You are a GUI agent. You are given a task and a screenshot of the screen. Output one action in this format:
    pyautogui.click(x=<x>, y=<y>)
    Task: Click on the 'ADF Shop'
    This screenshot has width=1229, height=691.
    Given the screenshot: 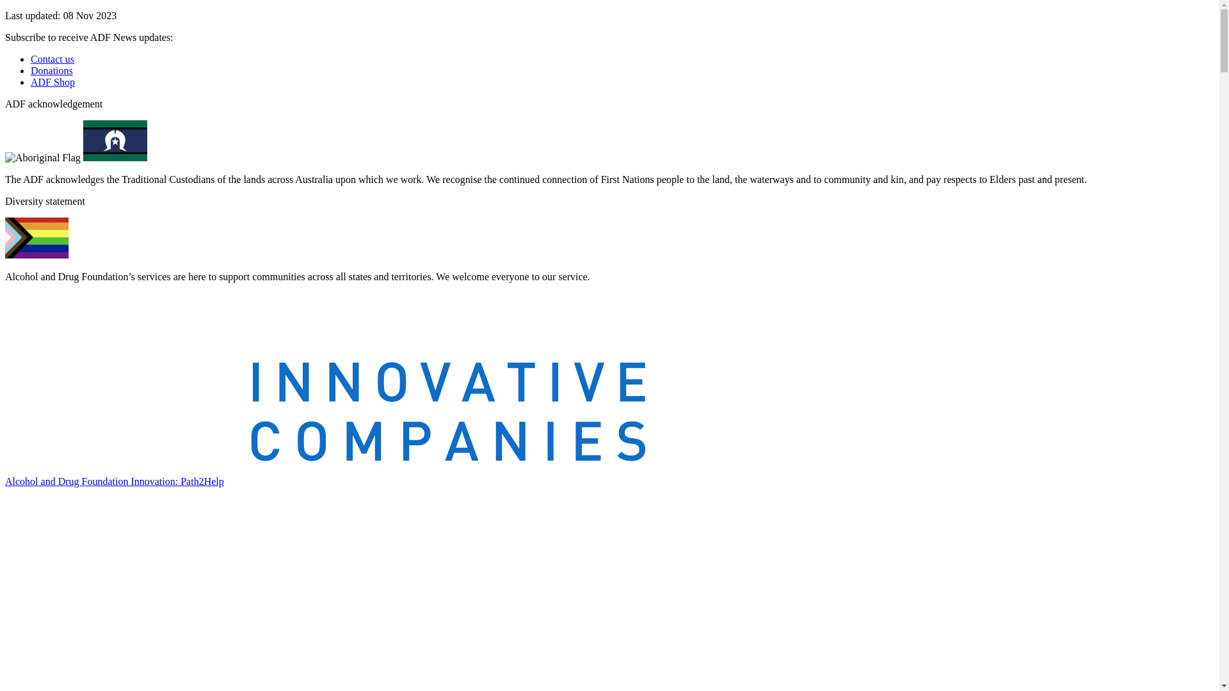 What is the action you would take?
    pyautogui.click(x=31, y=82)
    